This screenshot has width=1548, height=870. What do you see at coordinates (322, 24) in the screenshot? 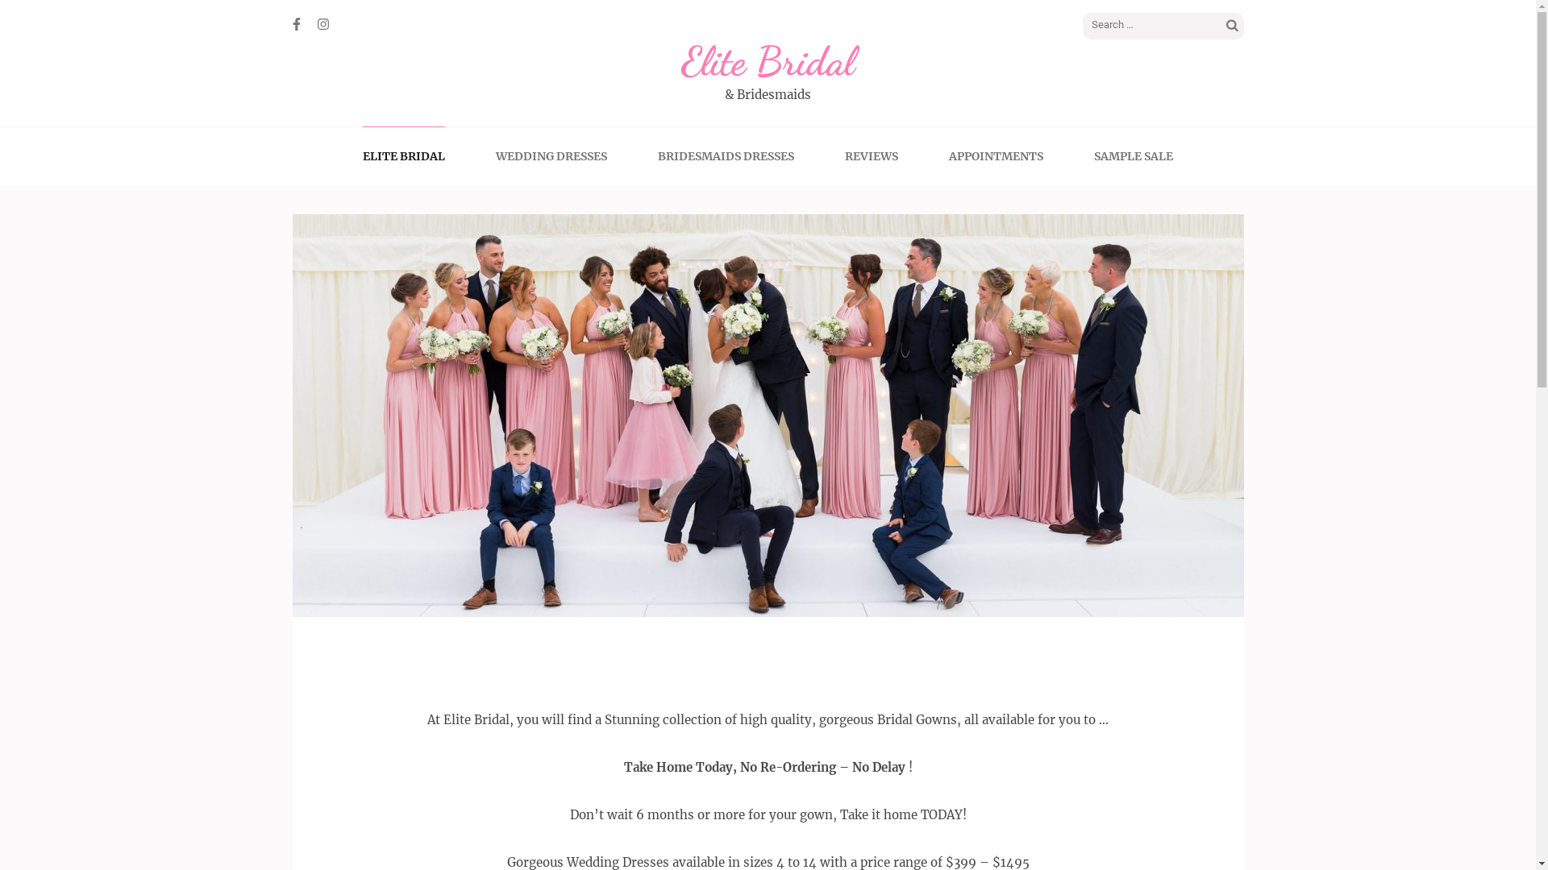
I see `'Instagram'` at bounding box center [322, 24].